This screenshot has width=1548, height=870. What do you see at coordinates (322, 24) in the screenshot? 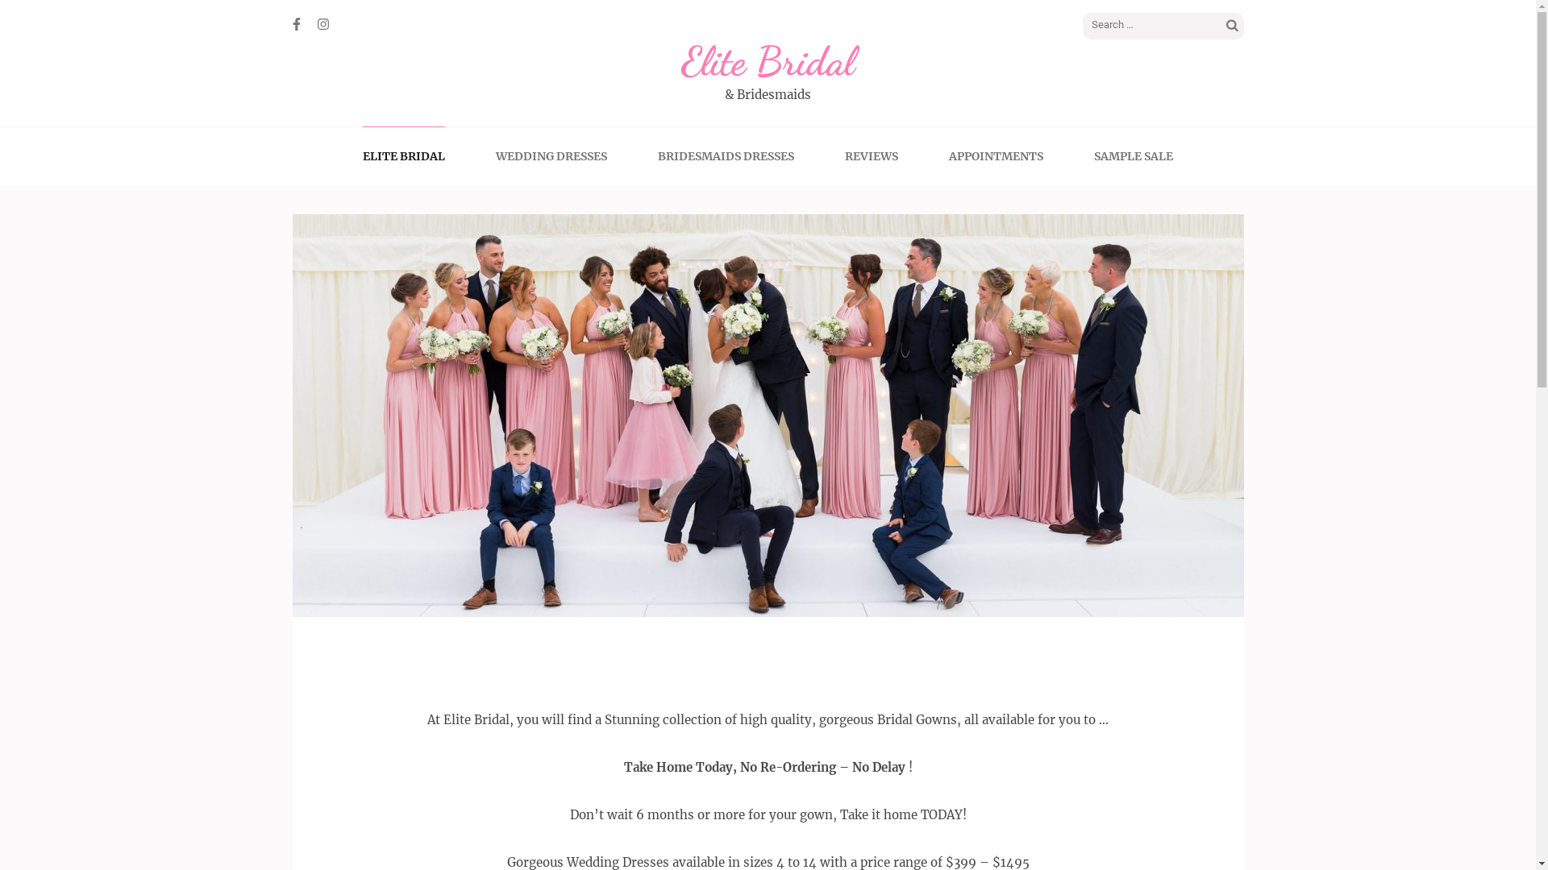
I see `'Instagram'` at bounding box center [322, 24].